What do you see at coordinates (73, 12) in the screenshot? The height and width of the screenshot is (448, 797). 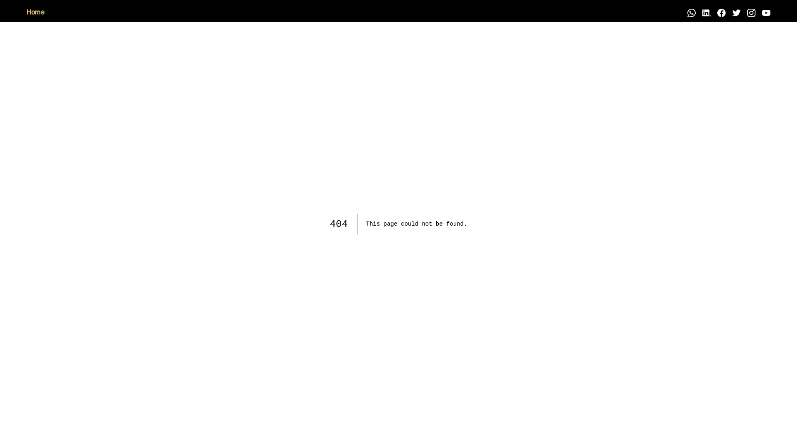 I see `'Disclaimer'` at bounding box center [73, 12].